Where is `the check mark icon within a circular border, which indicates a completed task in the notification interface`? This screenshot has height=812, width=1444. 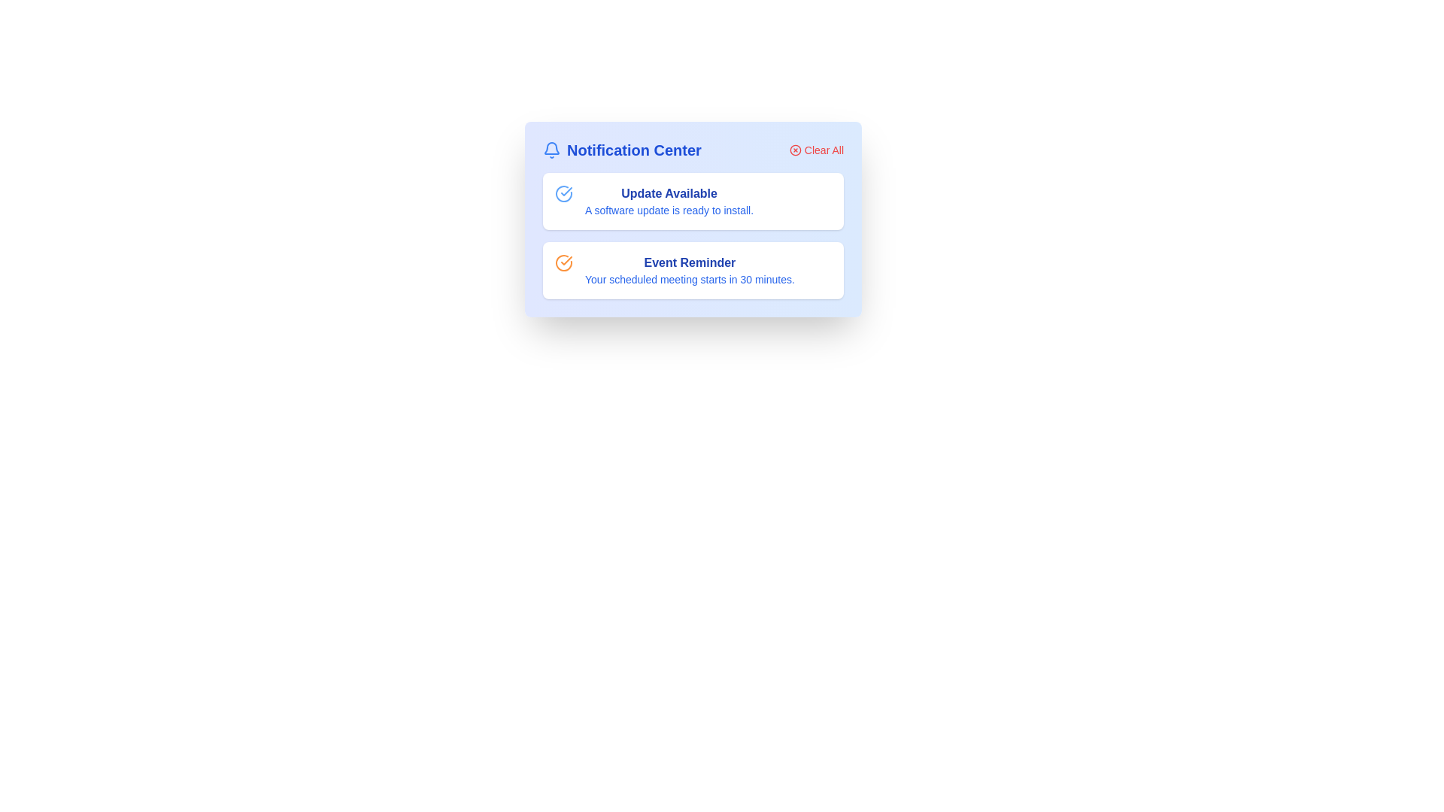 the check mark icon within a circular border, which indicates a completed task in the notification interface is located at coordinates (566, 190).